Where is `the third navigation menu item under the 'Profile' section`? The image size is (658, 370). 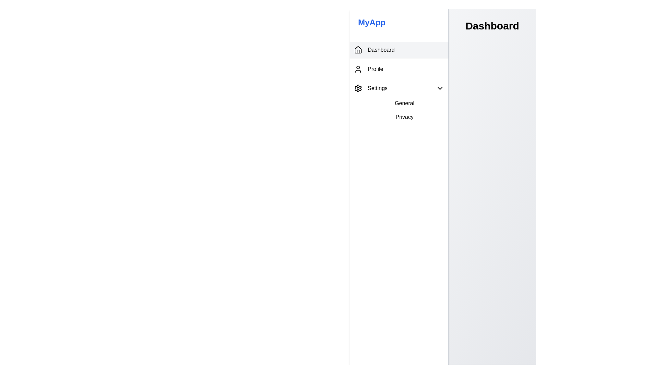
the third navigation menu item under the 'Profile' section is located at coordinates (370, 88).